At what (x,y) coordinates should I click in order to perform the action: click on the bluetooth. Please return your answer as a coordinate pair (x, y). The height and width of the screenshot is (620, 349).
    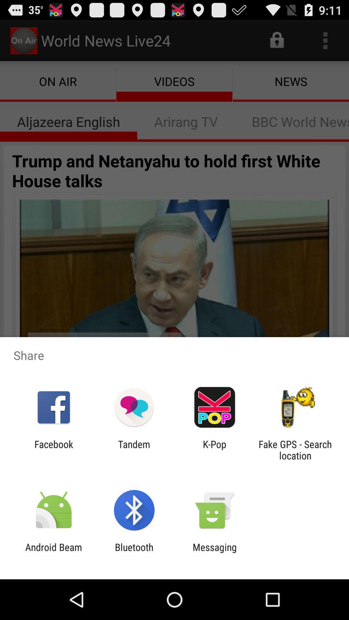
    Looking at the image, I should click on (134, 553).